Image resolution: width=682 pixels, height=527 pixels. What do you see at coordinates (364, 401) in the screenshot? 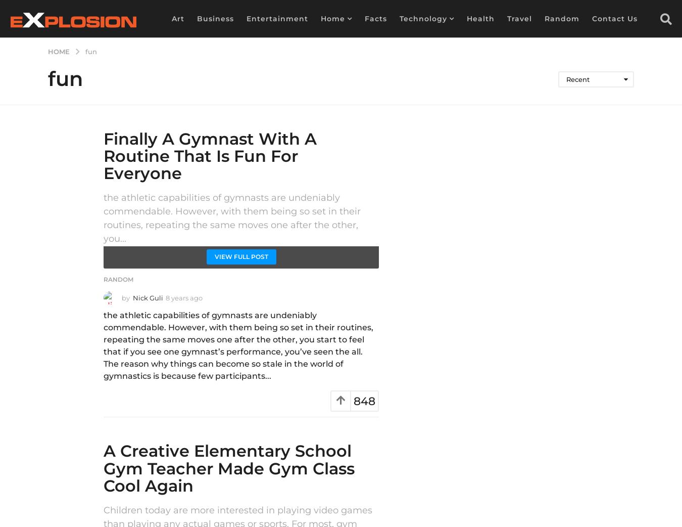
I see `'848'` at bounding box center [364, 401].